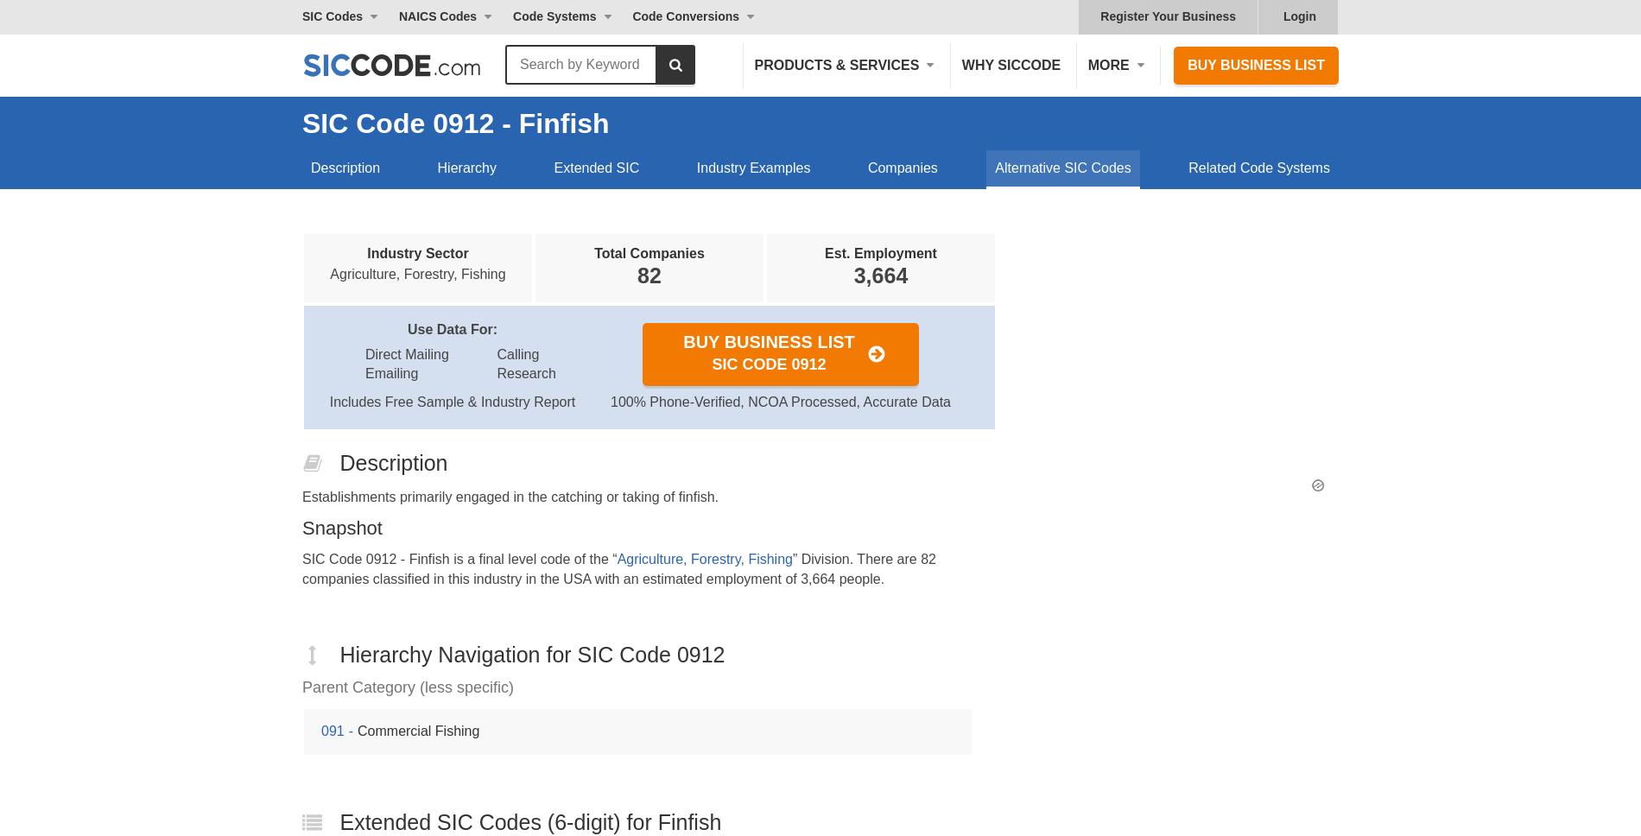 The image size is (1641, 836). Describe the element at coordinates (437, 16) in the screenshot. I see `'NAICS Codes'` at that location.